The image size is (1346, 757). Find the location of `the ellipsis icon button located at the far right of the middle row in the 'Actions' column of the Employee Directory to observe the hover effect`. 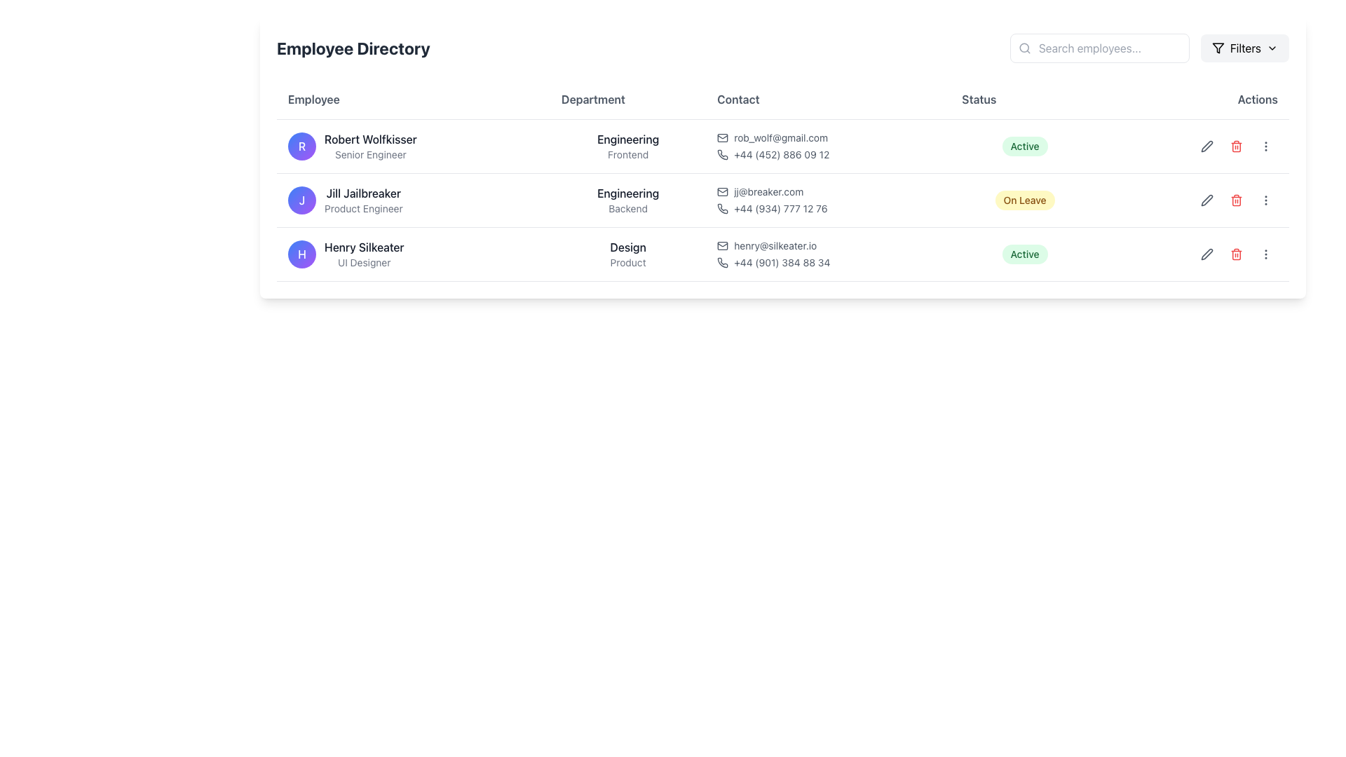

the ellipsis icon button located at the far right of the middle row in the 'Actions' column of the Employee Directory to observe the hover effect is located at coordinates (1265, 200).